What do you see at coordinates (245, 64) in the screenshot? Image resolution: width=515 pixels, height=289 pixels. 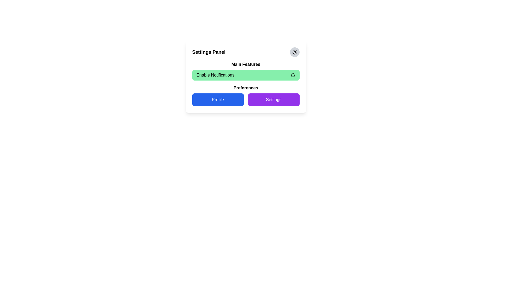 I see `the text label that describes the section below it, located beneath the 'Settings Panel' heading and above the 'Enable Notifications' button` at bounding box center [245, 64].